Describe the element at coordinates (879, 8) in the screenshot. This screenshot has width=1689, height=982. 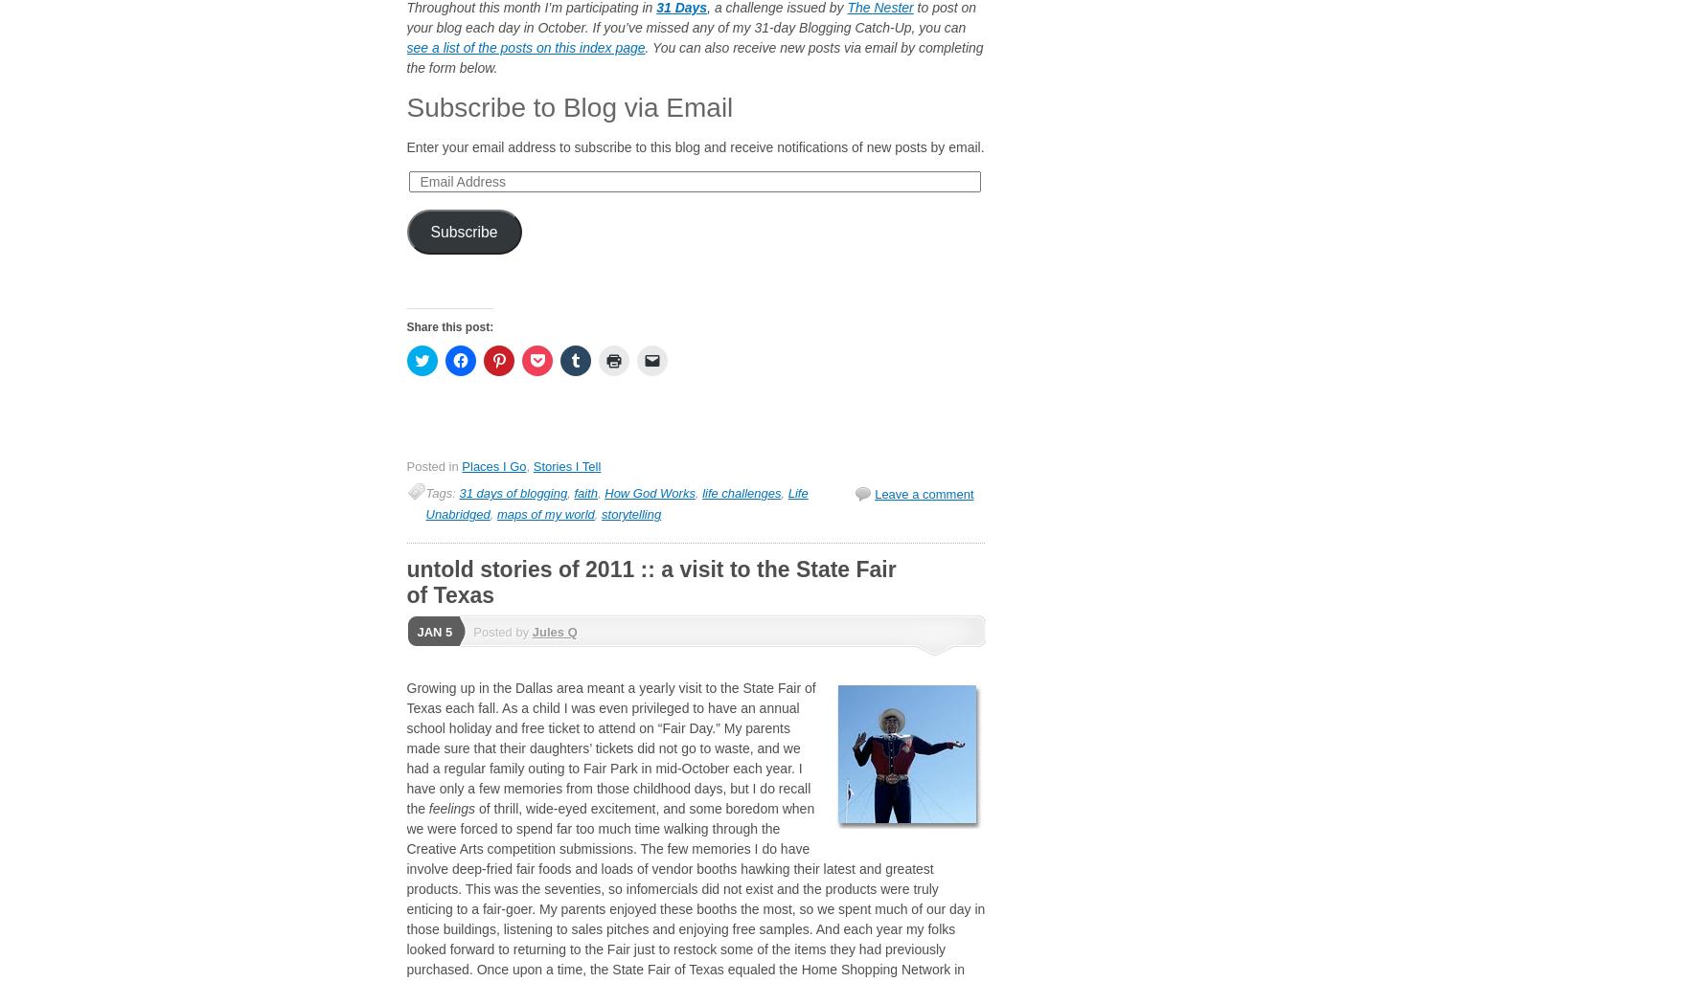
I see `'The Nester'` at that location.